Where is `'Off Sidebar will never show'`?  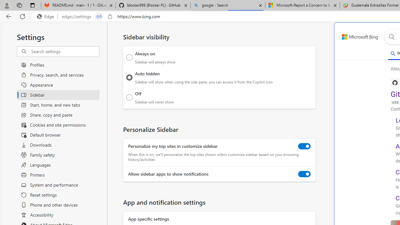
'Off Sidebar will never show' is located at coordinates (129, 97).